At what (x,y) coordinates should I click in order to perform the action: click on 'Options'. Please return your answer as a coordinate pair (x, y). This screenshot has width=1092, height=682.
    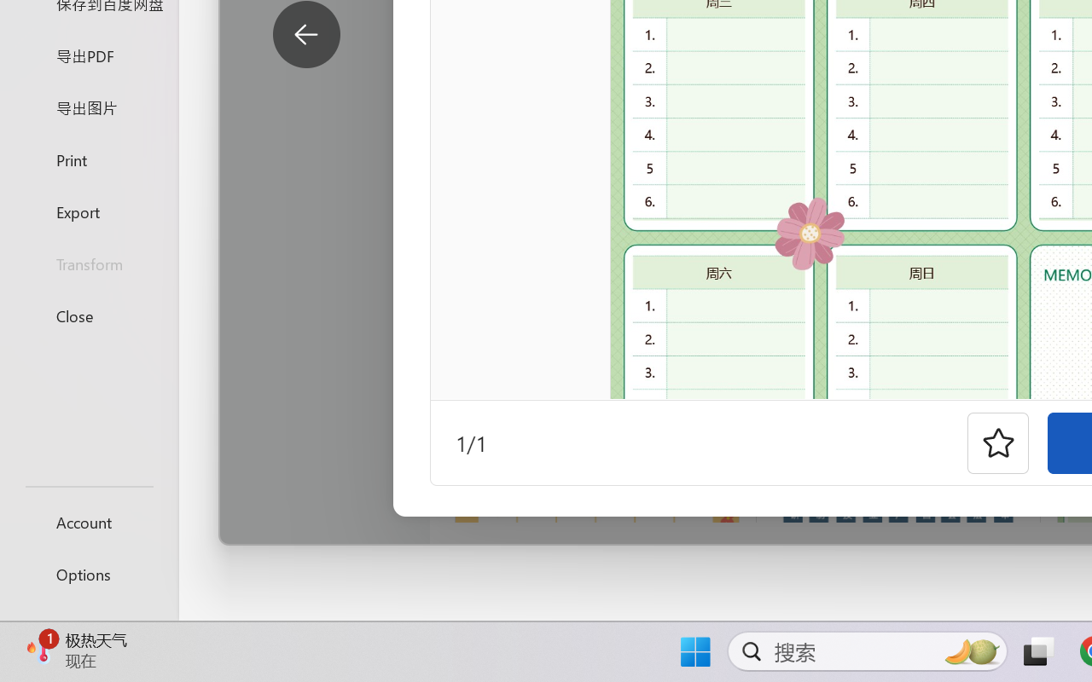
    Looking at the image, I should click on (88, 574).